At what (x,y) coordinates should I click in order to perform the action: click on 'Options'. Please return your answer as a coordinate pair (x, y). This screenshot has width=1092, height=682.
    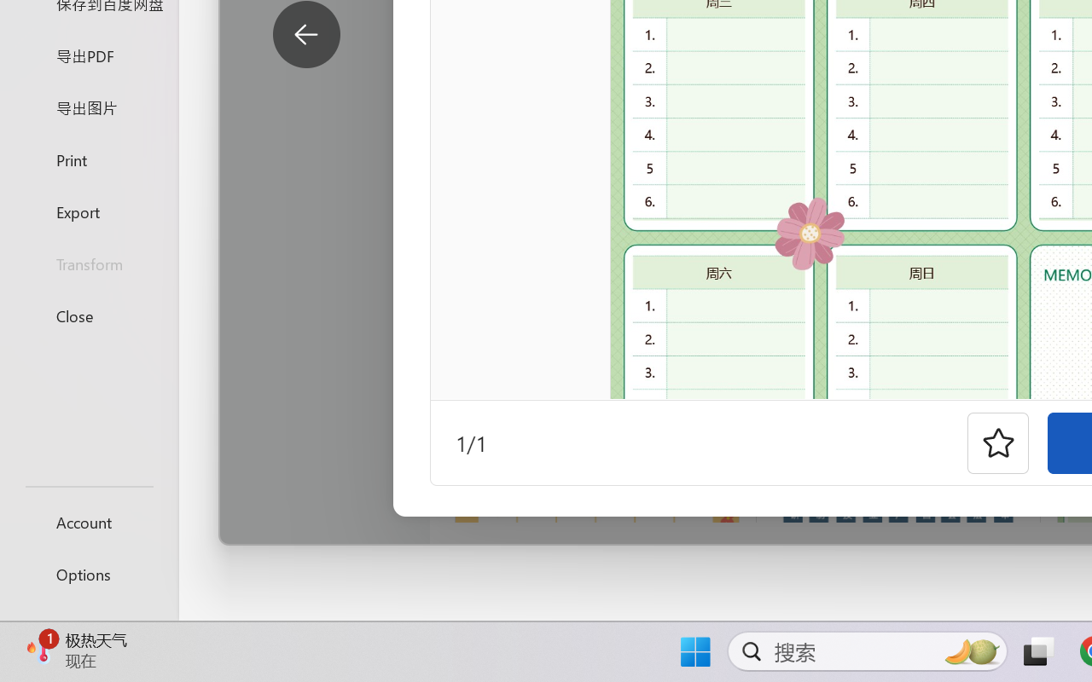
    Looking at the image, I should click on (88, 574).